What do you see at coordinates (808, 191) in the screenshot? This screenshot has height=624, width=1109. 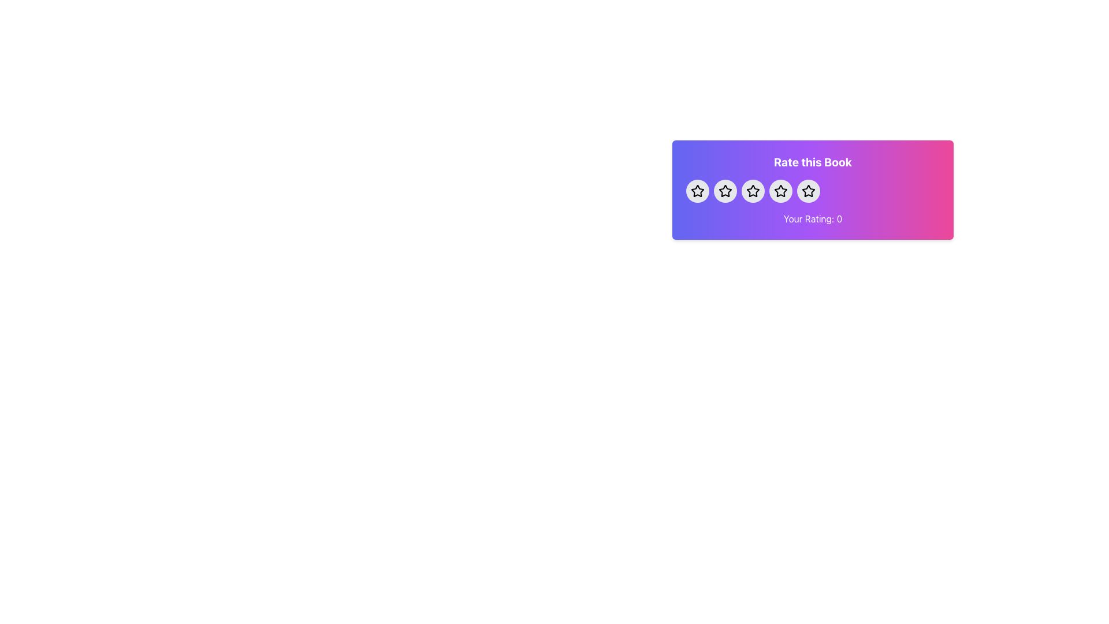 I see `the circular button with a light gray background and a black star icon` at bounding box center [808, 191].